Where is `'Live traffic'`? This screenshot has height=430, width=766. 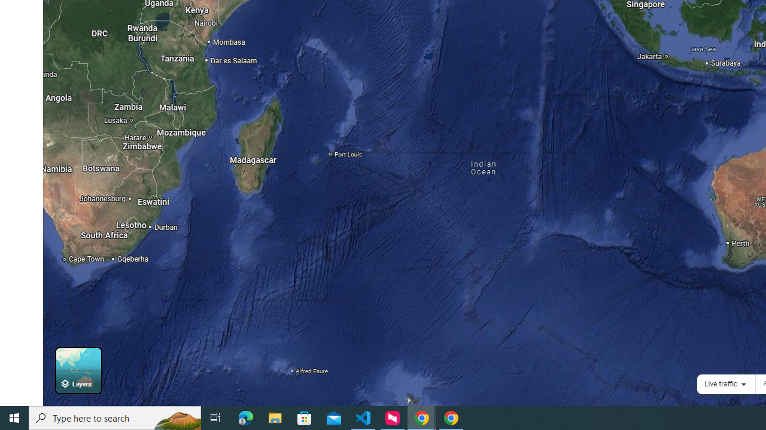 'Live traffic' is located at coordinates (720, 383).